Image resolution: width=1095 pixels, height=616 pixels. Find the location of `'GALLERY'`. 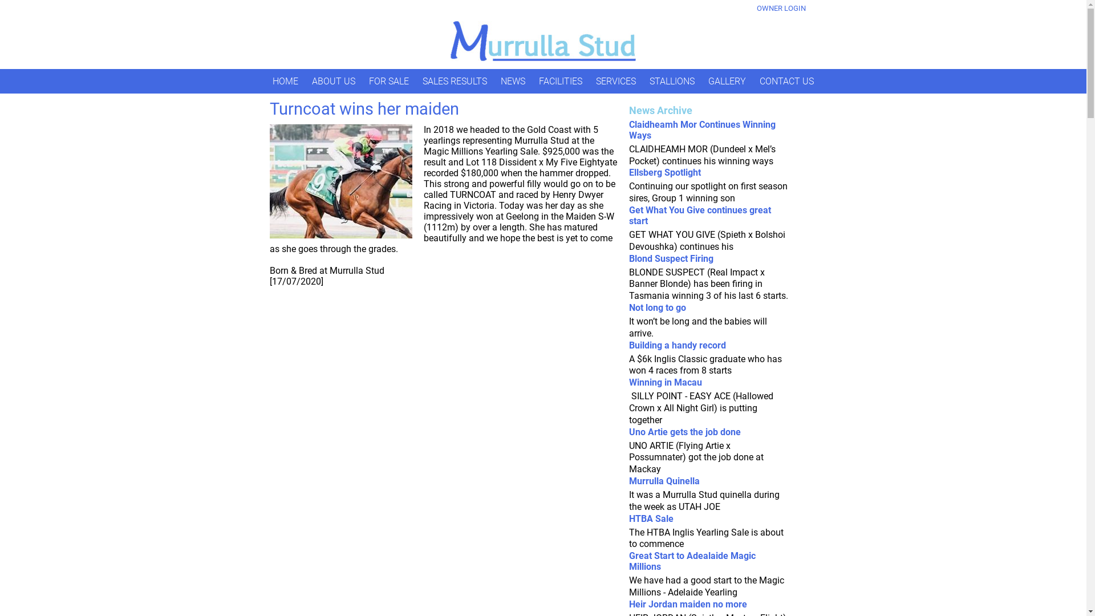

'GALLERY' is located at coordinates (708, 80).